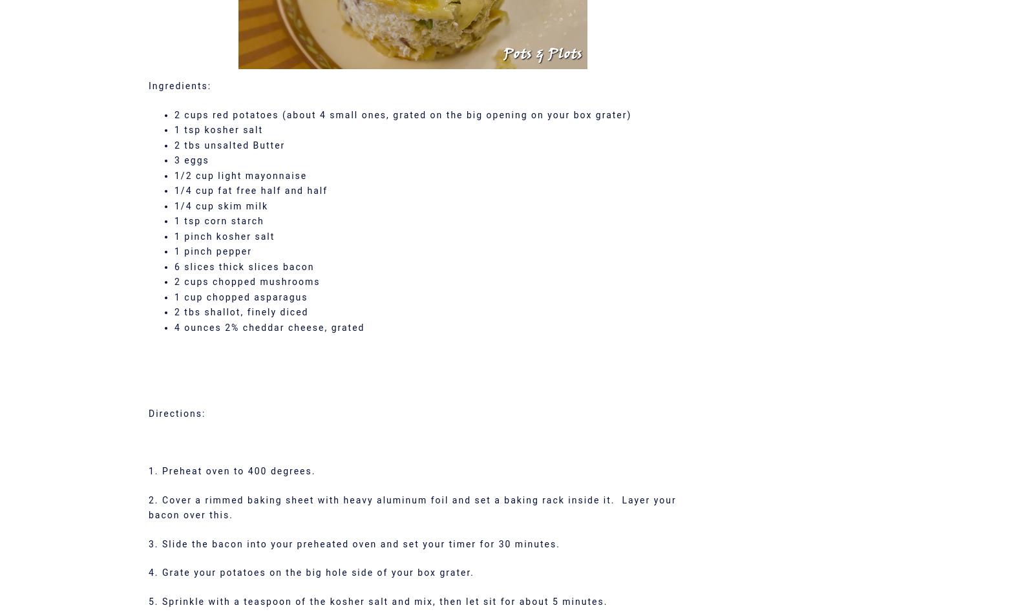  Describe the element at coordinates (516, 452) in the screenshot. I see `'Goodreads'` at that location.